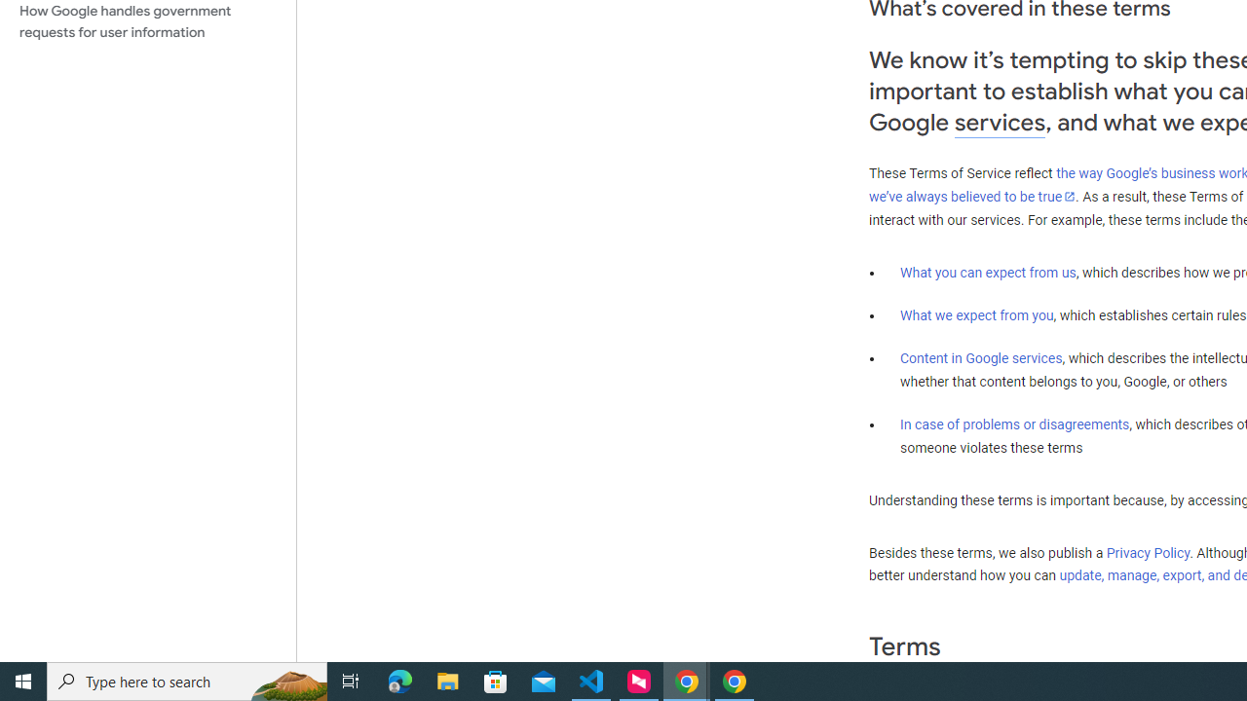  Describe the element at coordinates (976, 314) in the screenshot. I see `'What we expect from you'` at that location.